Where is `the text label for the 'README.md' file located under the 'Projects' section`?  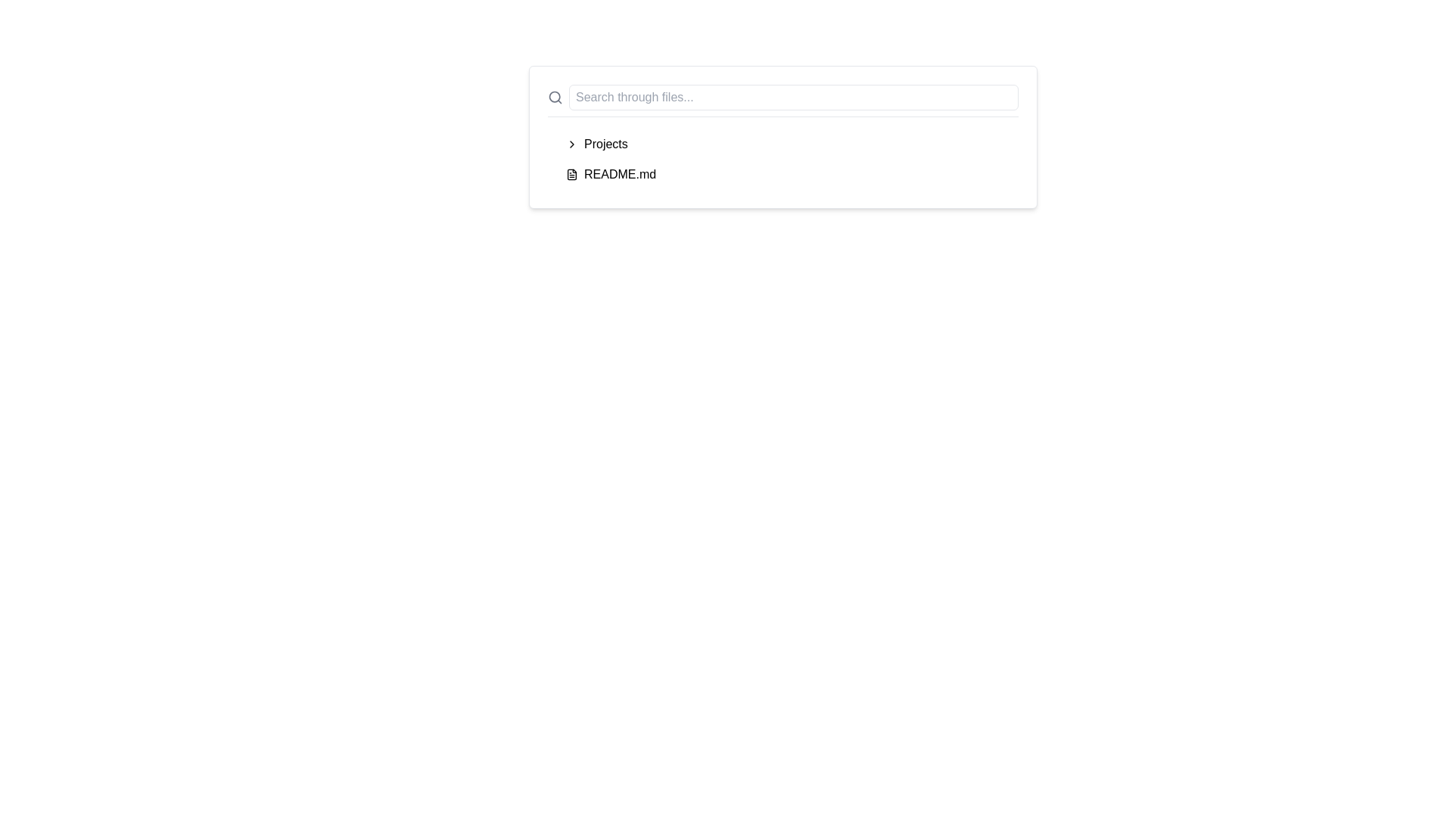 the text label for the 'README.md' file located under the 'Projects' section is located at coordinates (620, 174).